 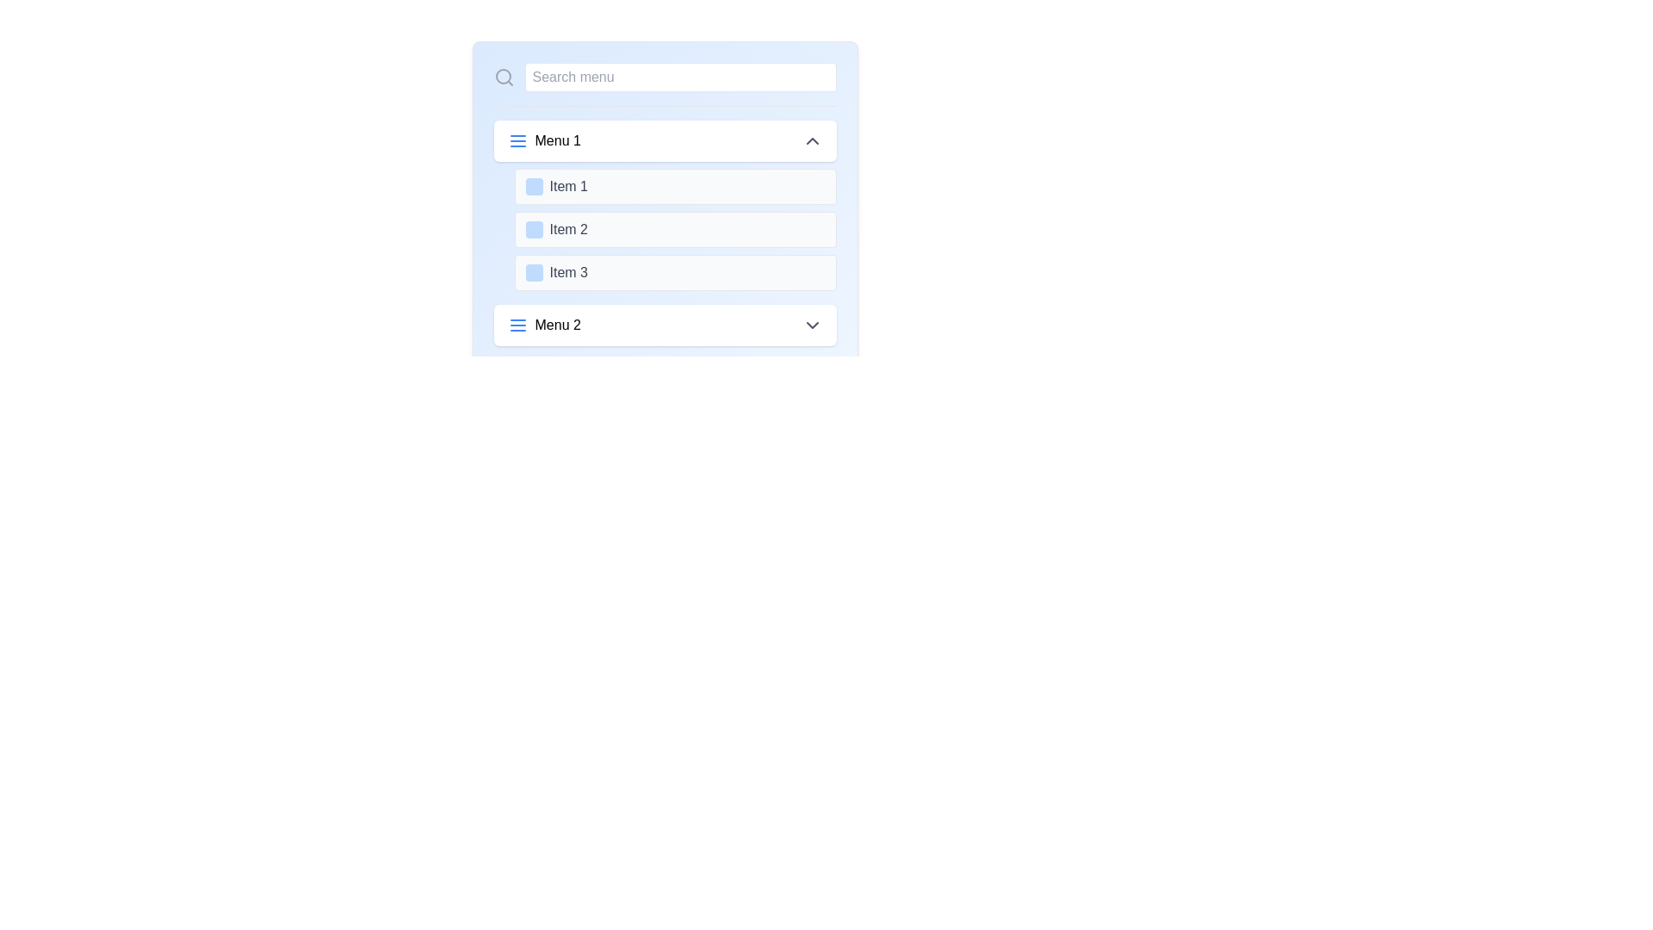 I want to click on the menu icon represented by three horizontally arranged blue lines, located to the left of the label 'Menu 2', to interact with the menu it represents, so click(x=517, y=325).